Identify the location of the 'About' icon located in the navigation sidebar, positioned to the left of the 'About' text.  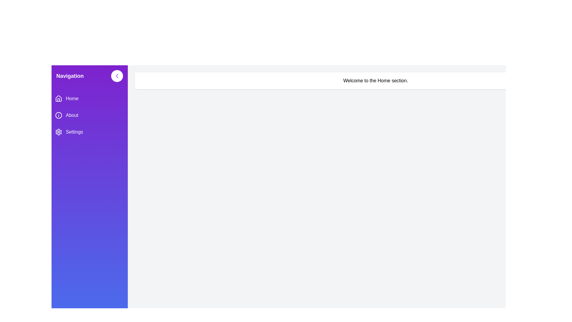
(58, 115).